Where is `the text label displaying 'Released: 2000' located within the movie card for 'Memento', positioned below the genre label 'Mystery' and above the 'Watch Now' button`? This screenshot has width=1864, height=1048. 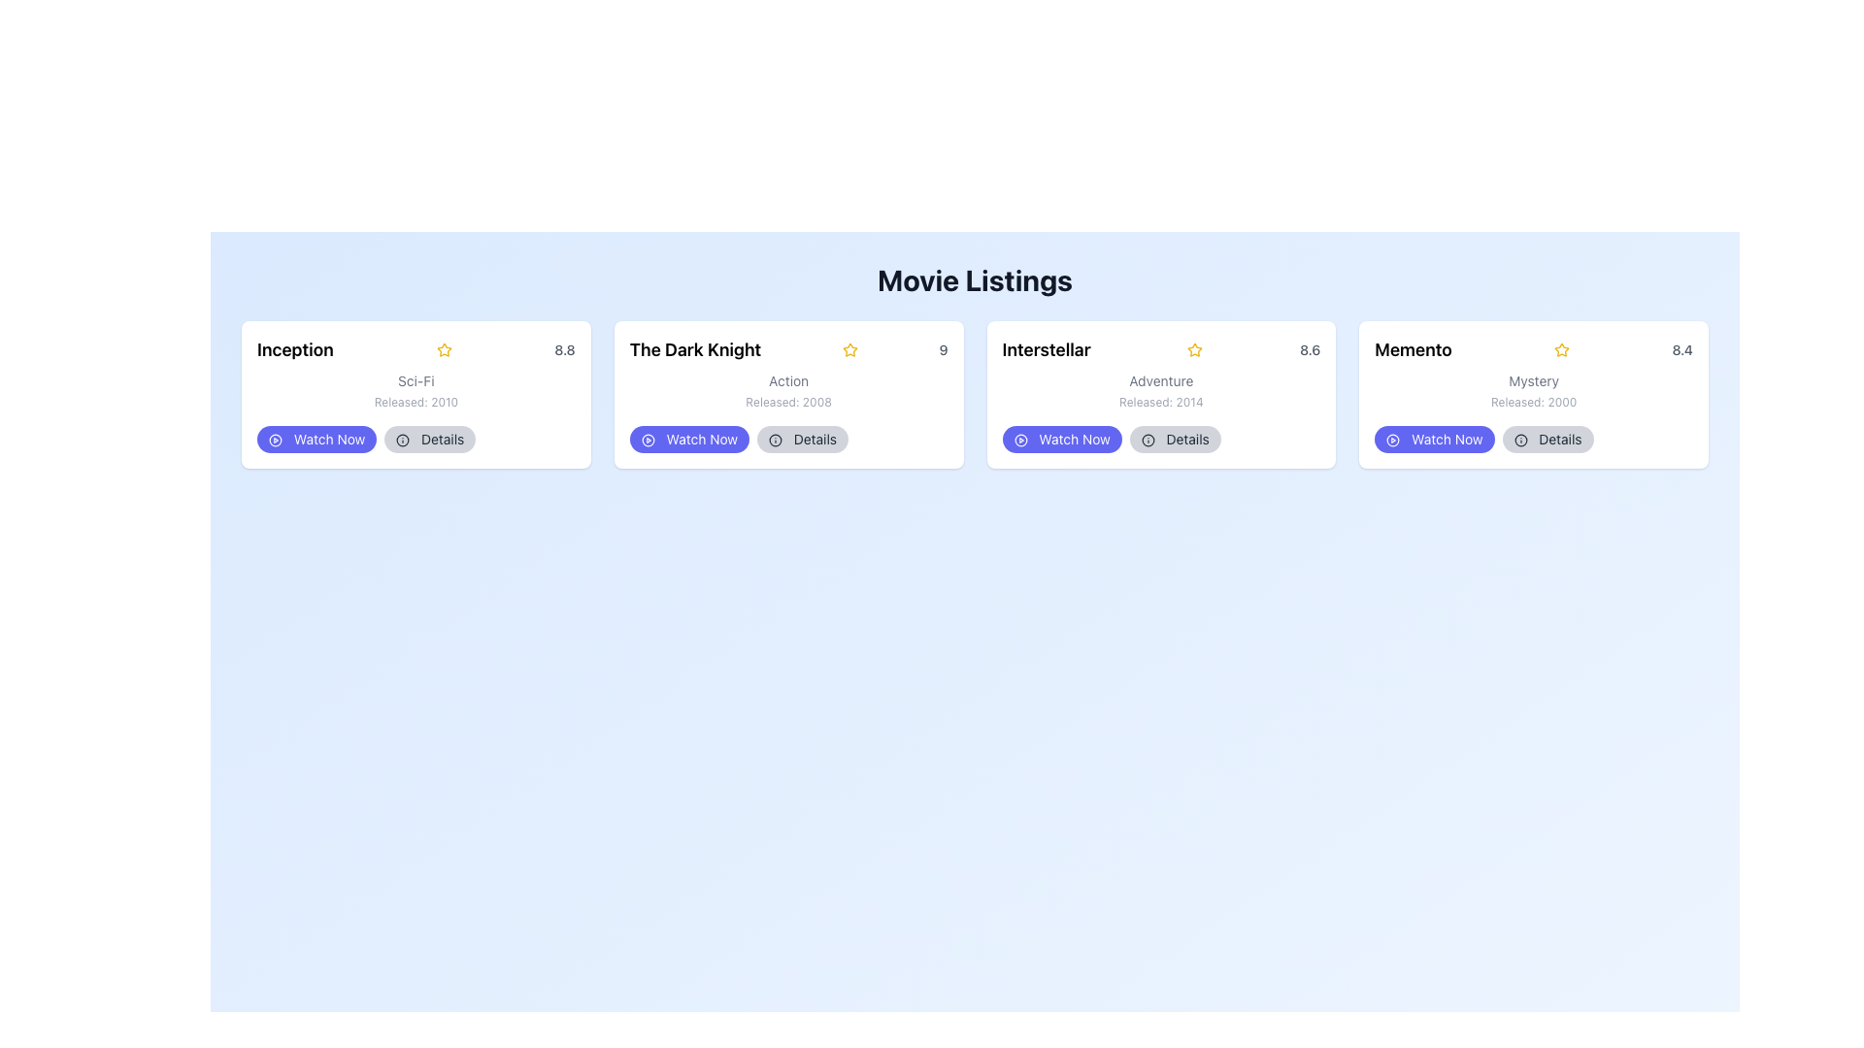 the text label displaying 'Released: 2000' located within the movie card for 'Memento', positioned below the genre label 'Mystery' and above the 'Watch Now' button is located at coordinates (1533, 402).